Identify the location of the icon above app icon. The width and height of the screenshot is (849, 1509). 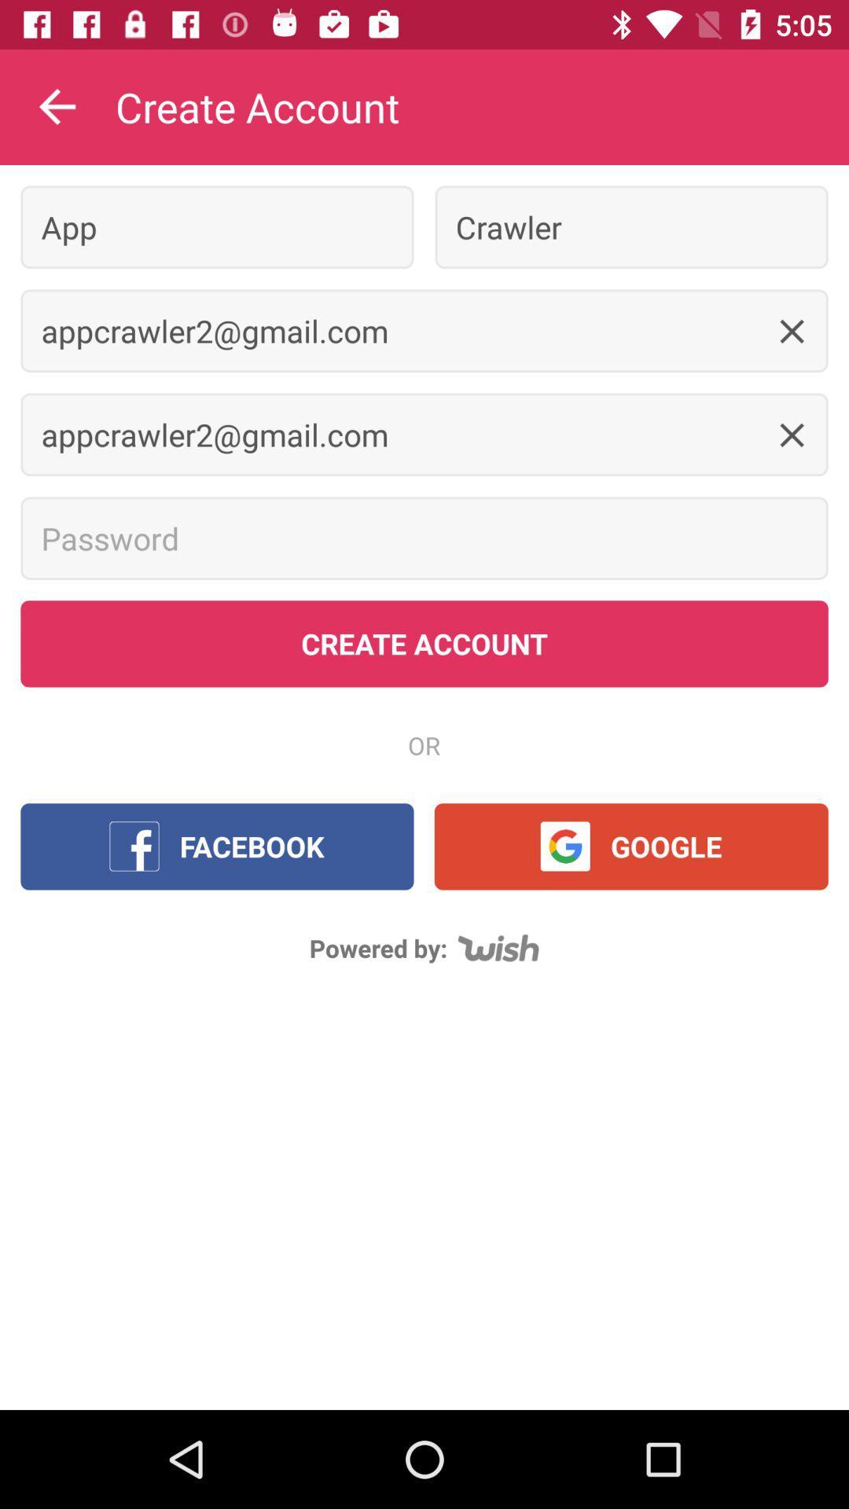
(57, 106).